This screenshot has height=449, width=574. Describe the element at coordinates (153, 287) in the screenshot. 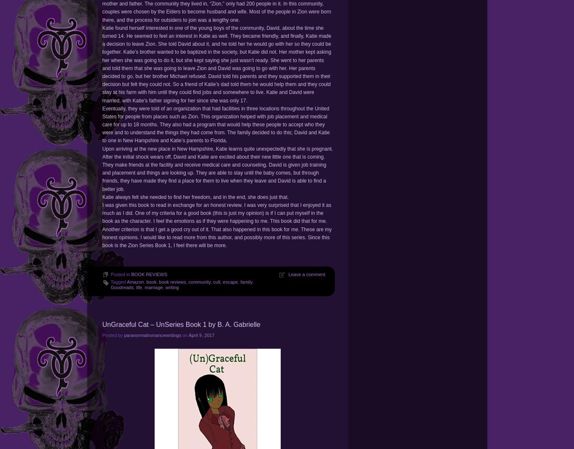

I see `'marriage'` at that location.